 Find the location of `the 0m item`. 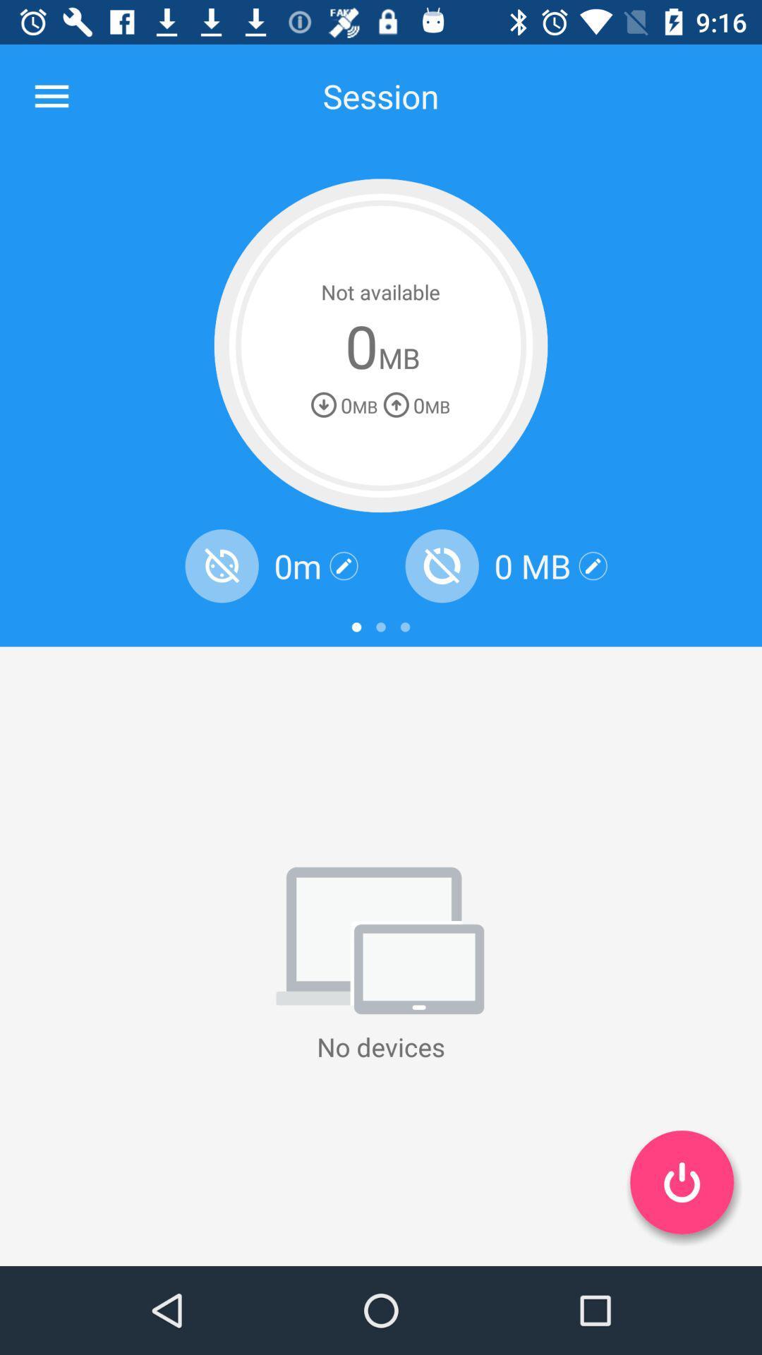

the 0m item is located at coordinates (297, 566).